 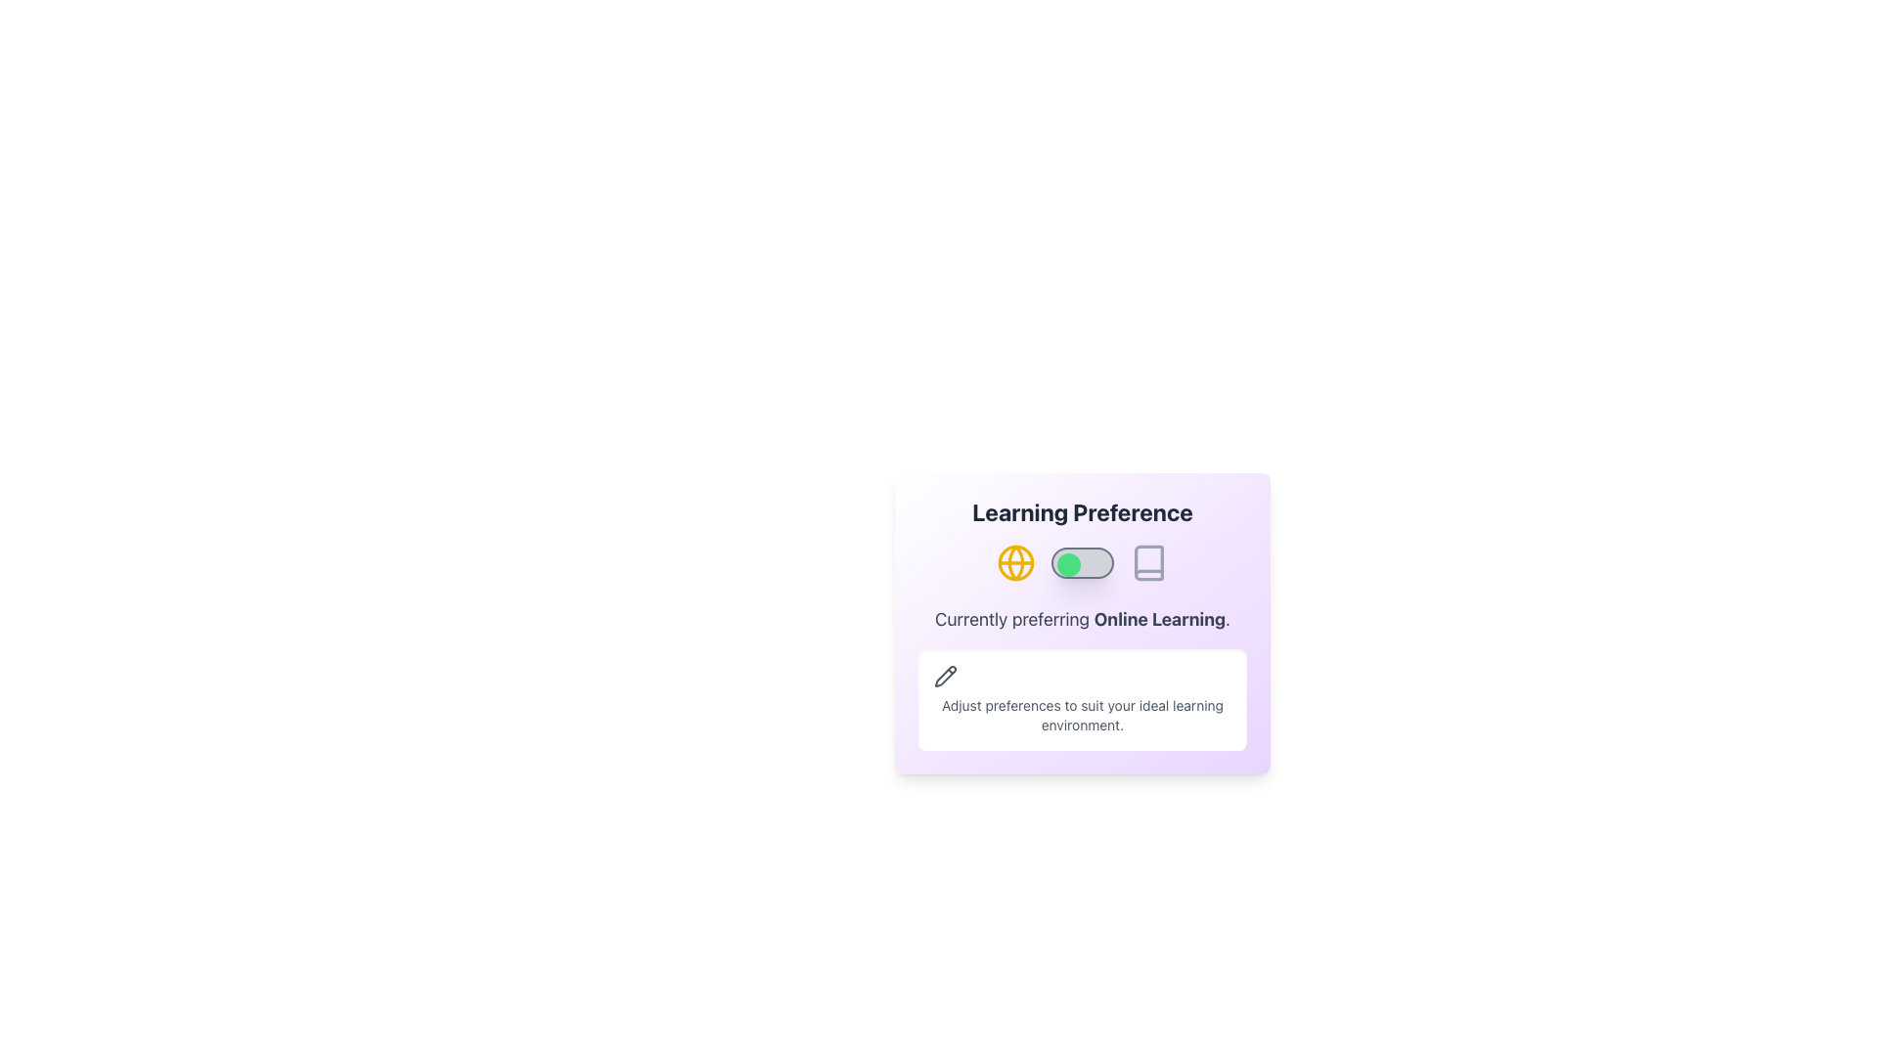 I want to click on the status indicator text block that displays the current learning mode preference, which is 'Online Learning', located in the middle segment of the 'Learning Preference' card, so click(x=1082, y=619).